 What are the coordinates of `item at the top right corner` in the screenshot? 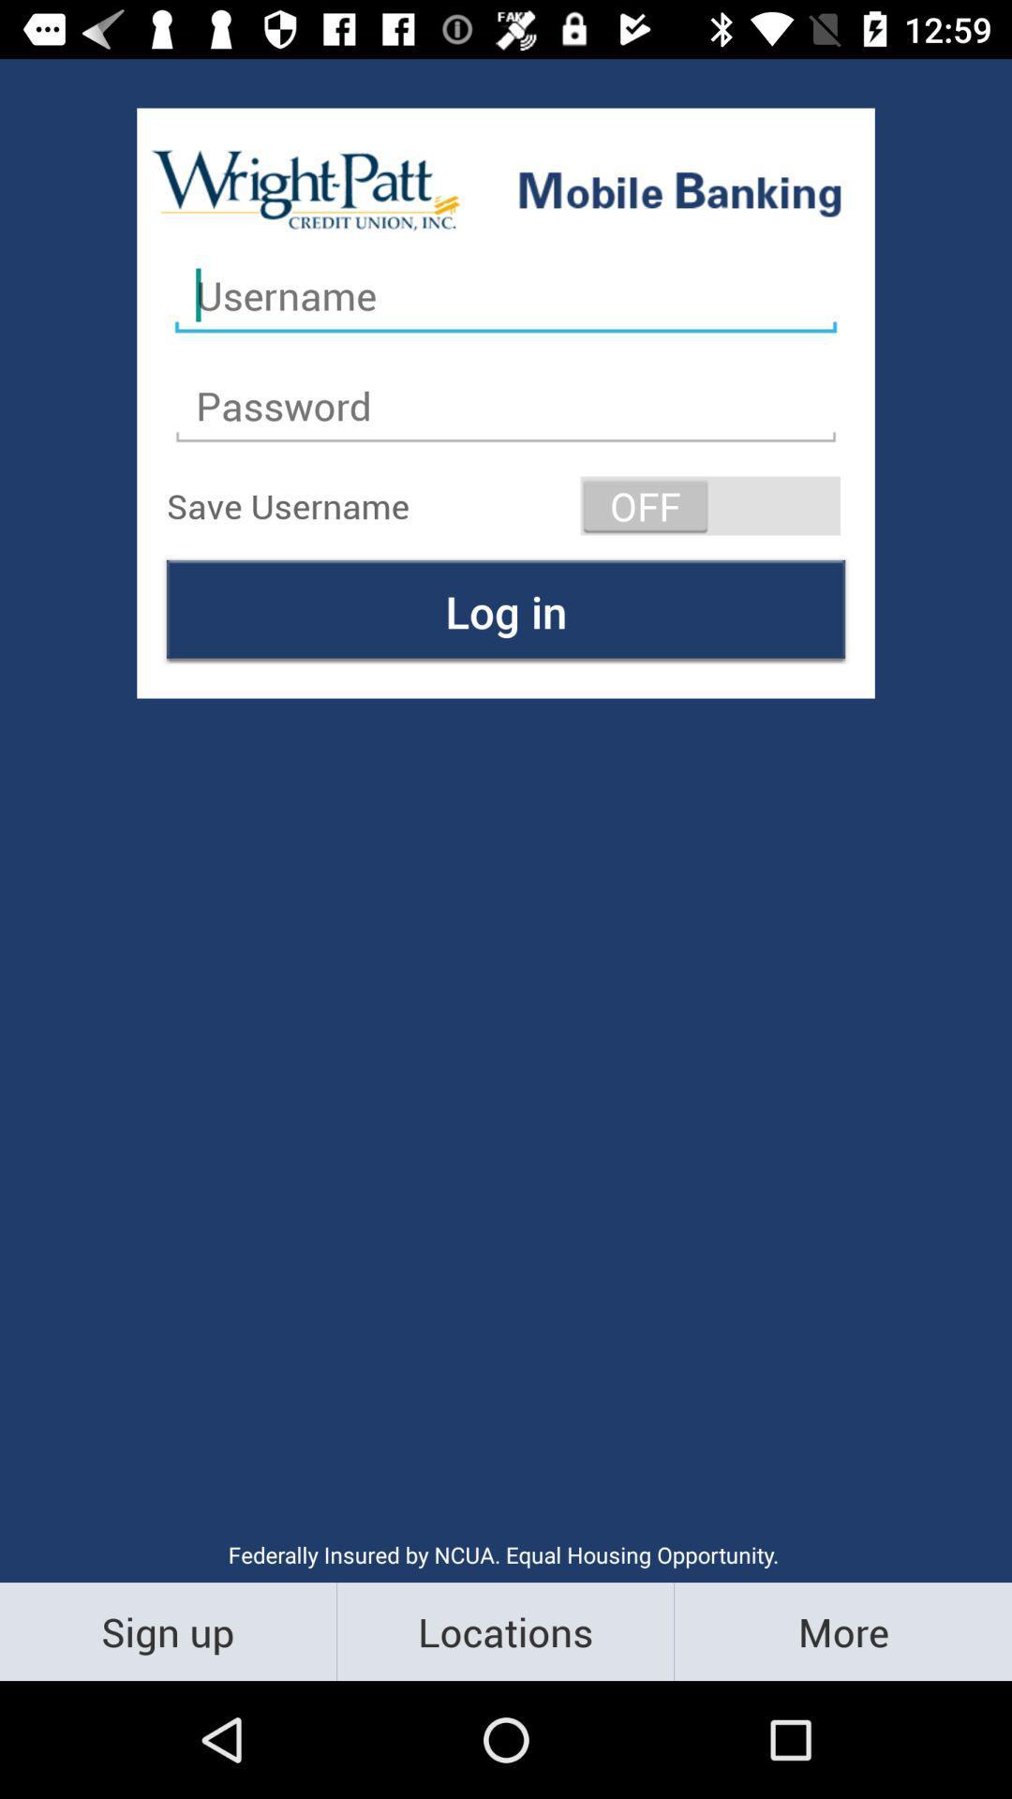 It's located at (710, 505).